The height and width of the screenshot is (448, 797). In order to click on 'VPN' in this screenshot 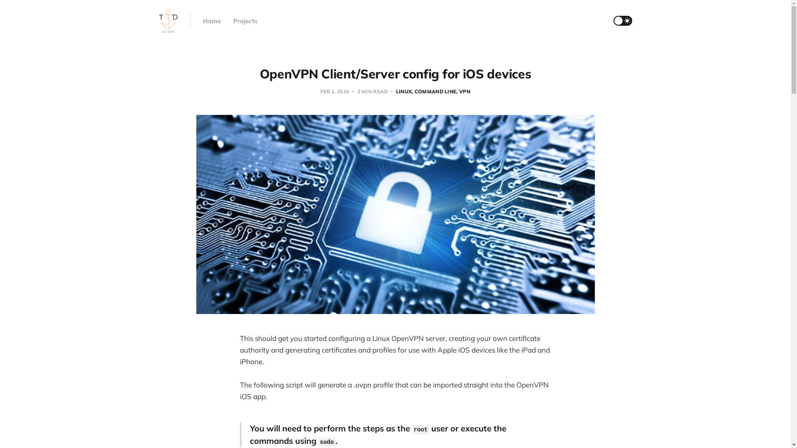, I will do `click(463, 91)`.